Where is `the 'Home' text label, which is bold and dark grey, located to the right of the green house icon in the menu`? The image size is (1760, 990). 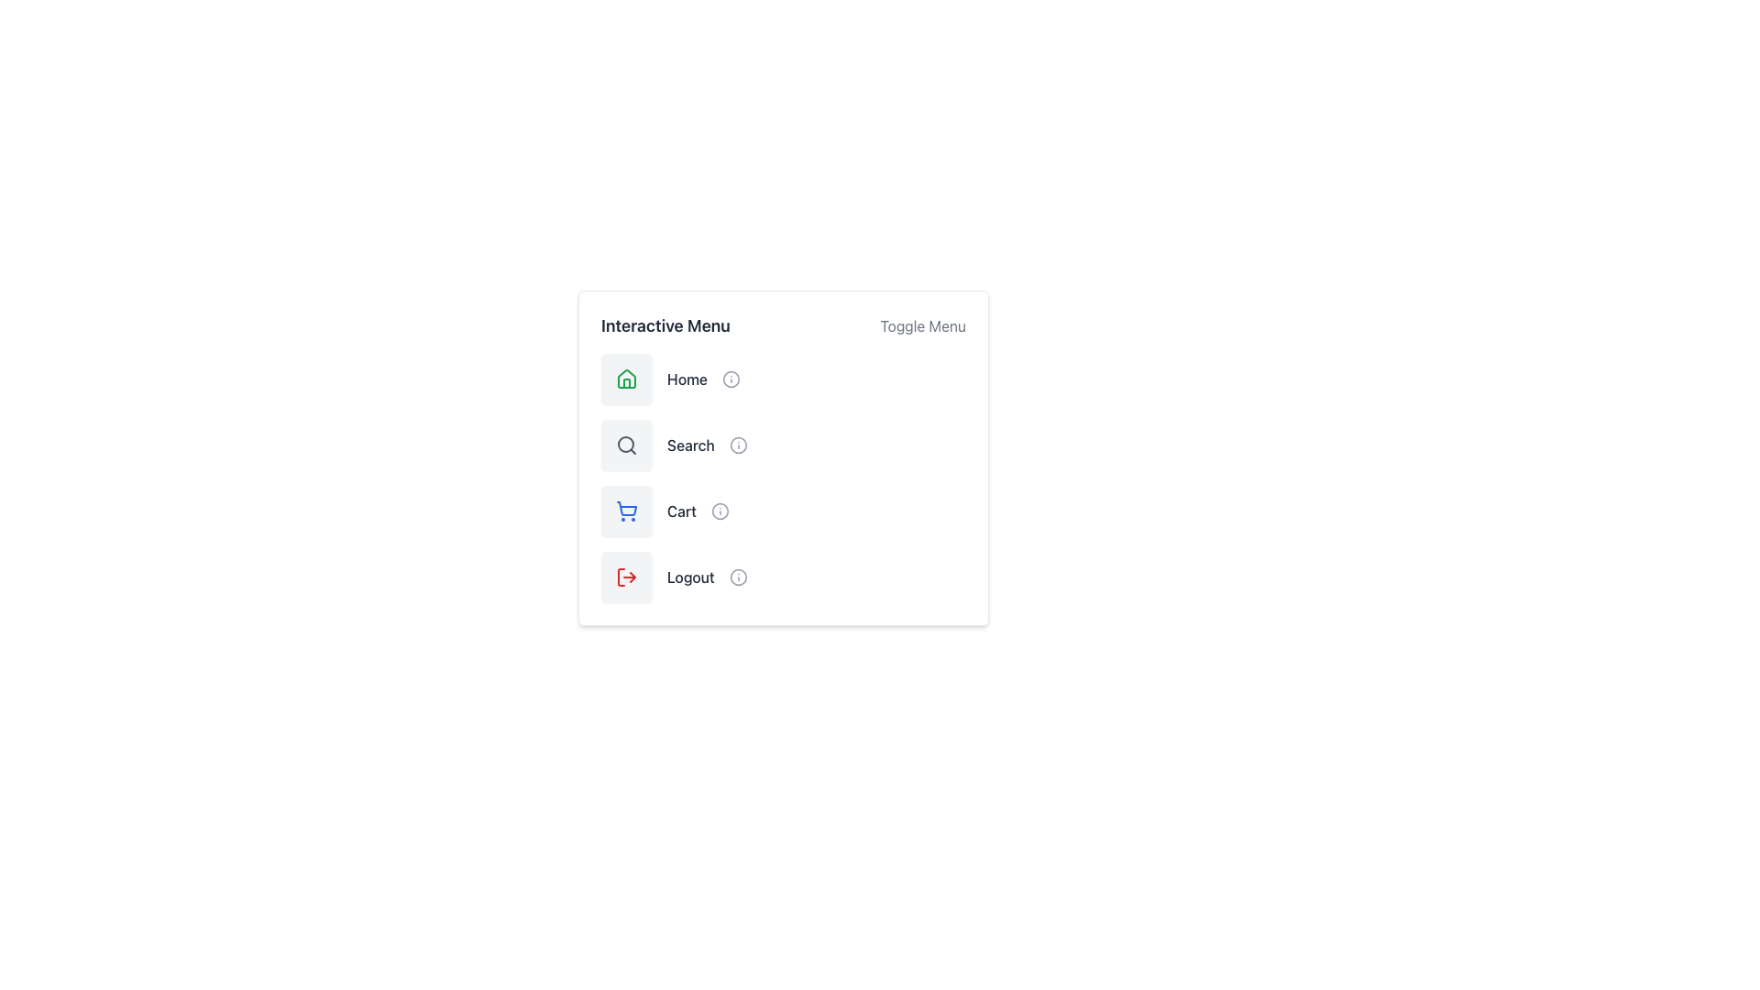 the 'Home' text label, which is bold and dark grey, located to the right of the green house icon in the menu is located at coordinates (686, 378).